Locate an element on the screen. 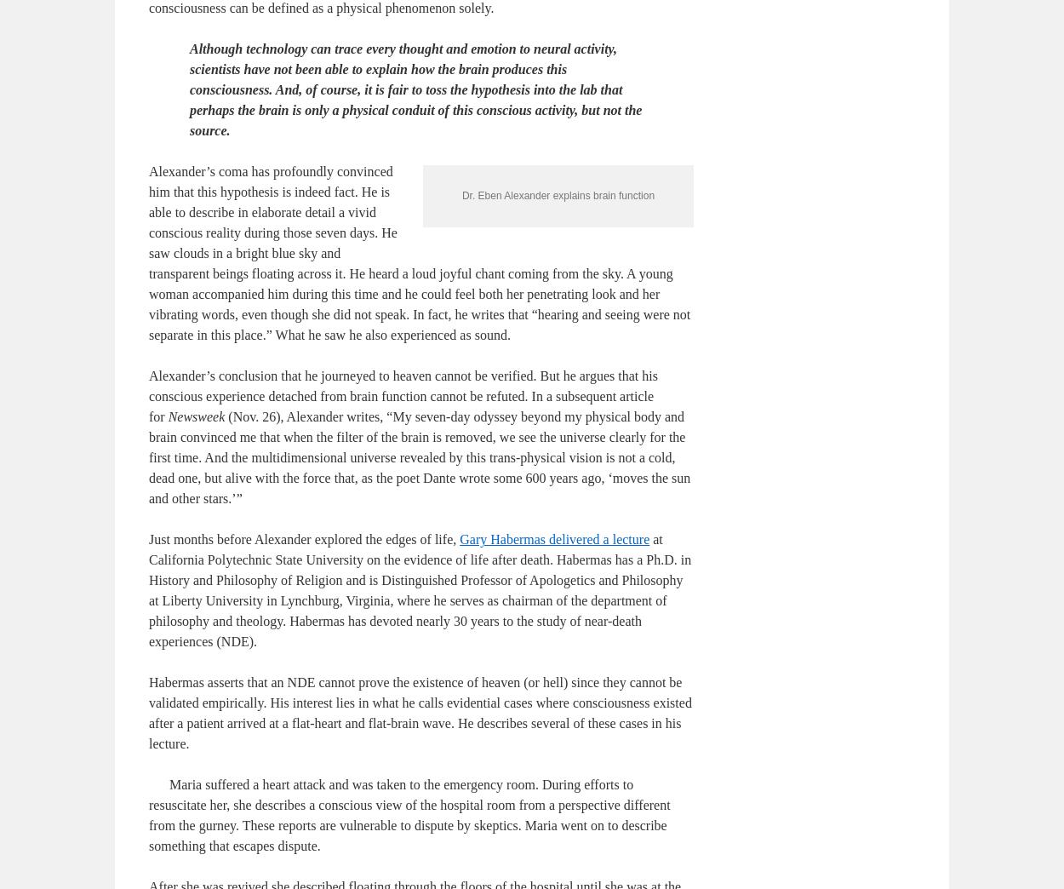 Image resolution: width=1064 pixels, height=889 pixels. 'Just months before Alexander explored the edges of life,' is located at coordinates (149, 681).